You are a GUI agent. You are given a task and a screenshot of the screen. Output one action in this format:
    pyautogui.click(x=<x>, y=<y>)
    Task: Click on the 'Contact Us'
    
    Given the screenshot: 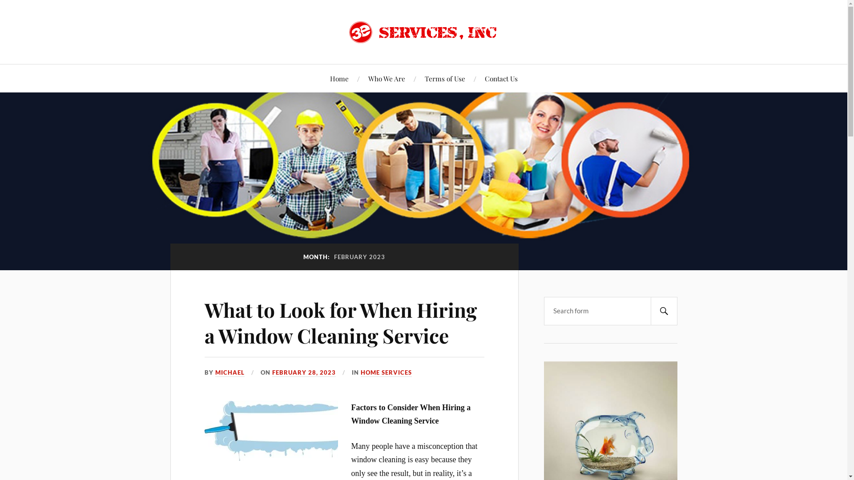 What is the action you would take?
    pyautogui.click(x=501, y=78)
    